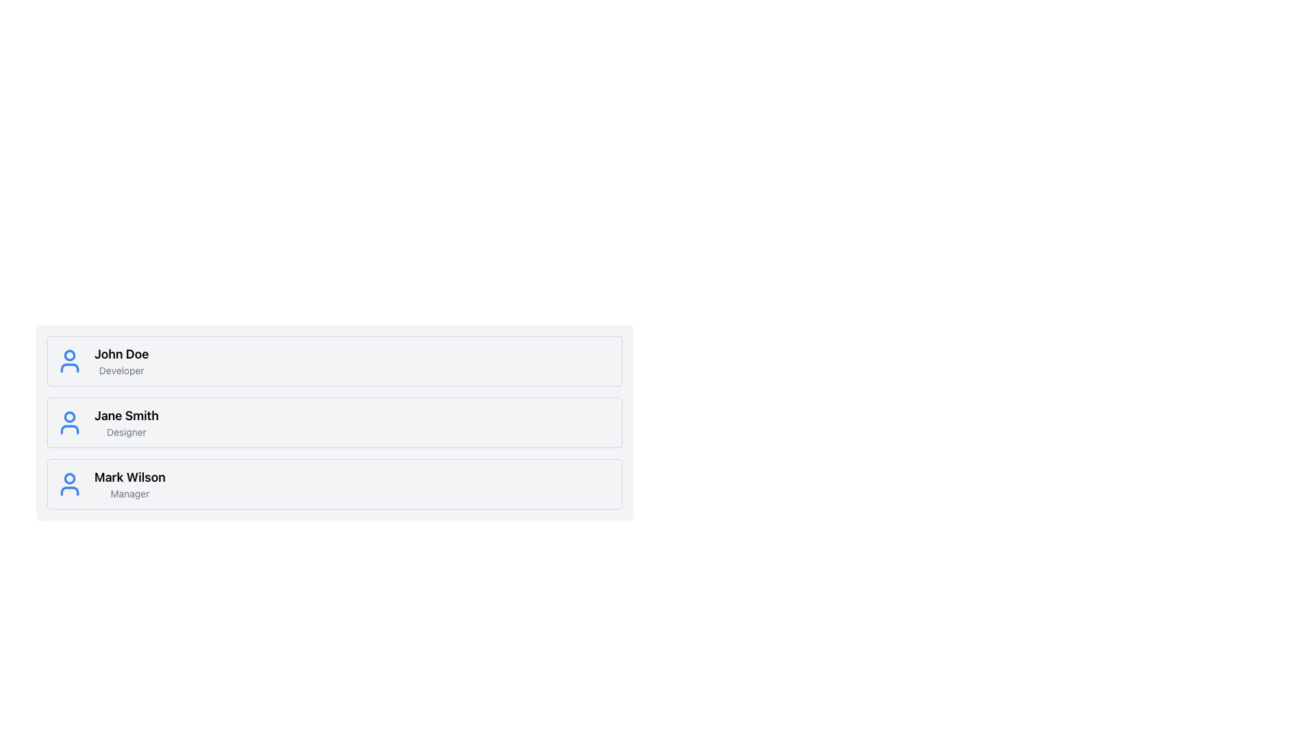 Image resolution: width=1315 pixels, height=739 pixels. What do you see at coordinates (335, 484) in the screenshot?
I see `the user profile entry` at bounding box center [335, 484].